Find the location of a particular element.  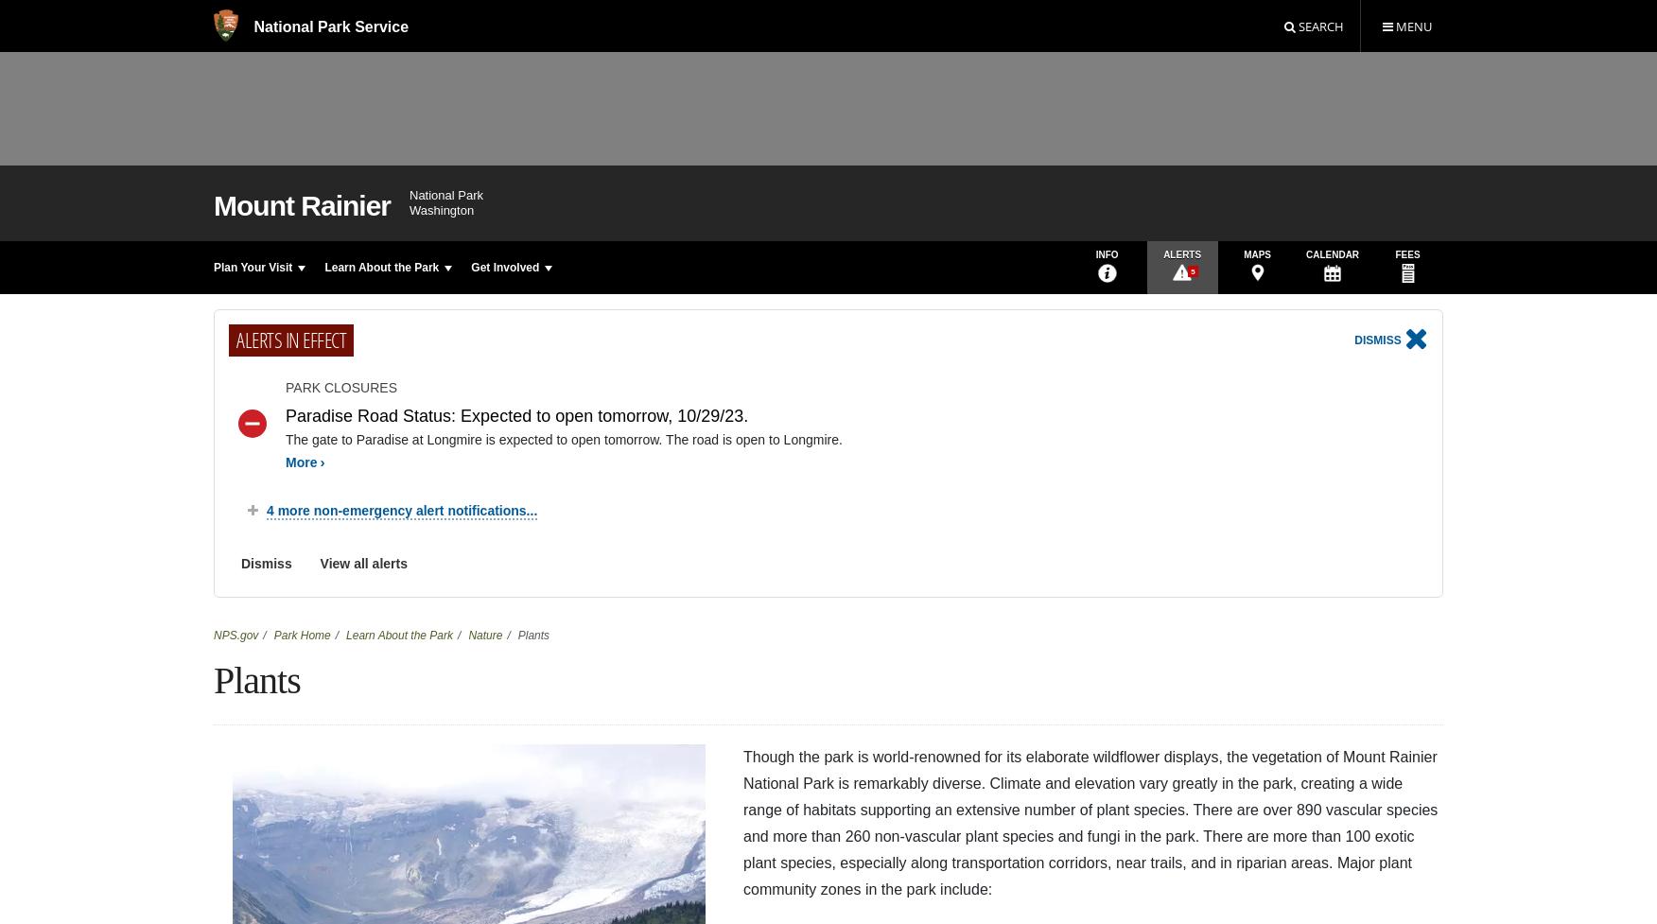

'North Coast and Cascades Network Delivers a New Generation of Vegetation Maps' is located at coordinates (656, 329).